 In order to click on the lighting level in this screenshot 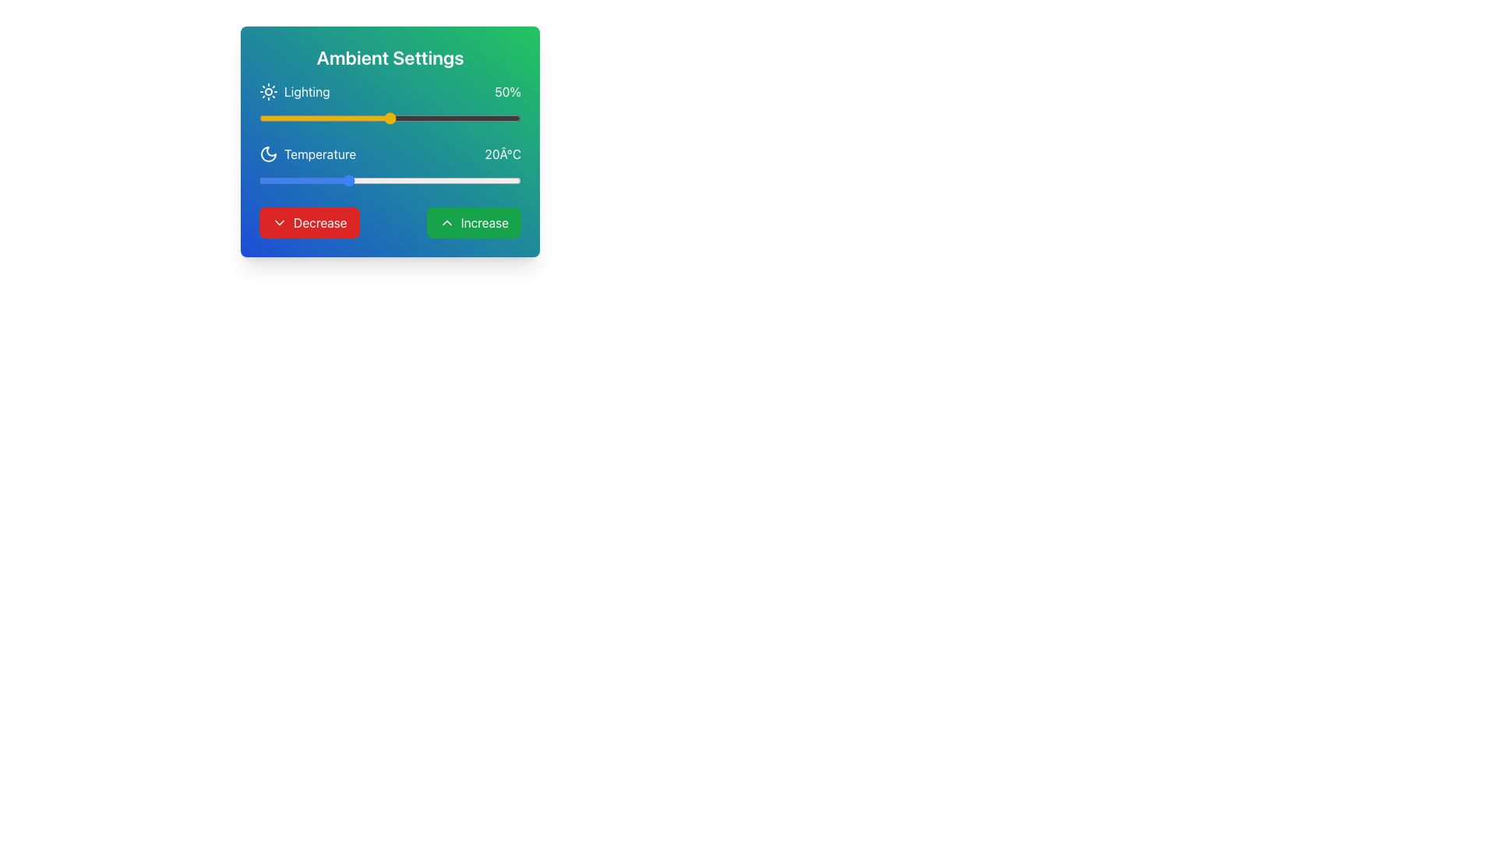, I will do `click(473, 117)`.